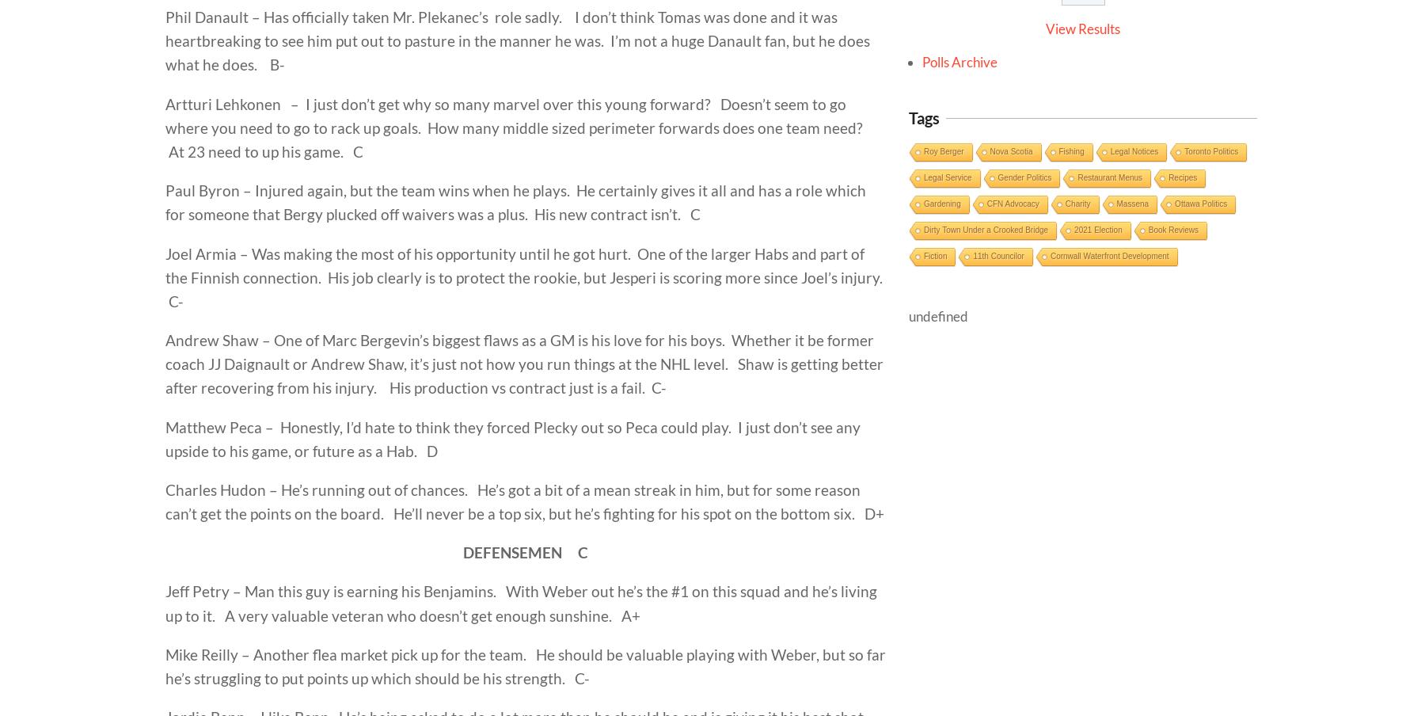 This screenshot has height=716, width=1425. Describe the element at coordinates (526, 665) in the screenshot. I see `'Mike Reilly – Another flea market pick up for the team.   He should be valuable playing with Weber, but so far he’s struggling to put points up which should be his strength.   C-'` at that location.